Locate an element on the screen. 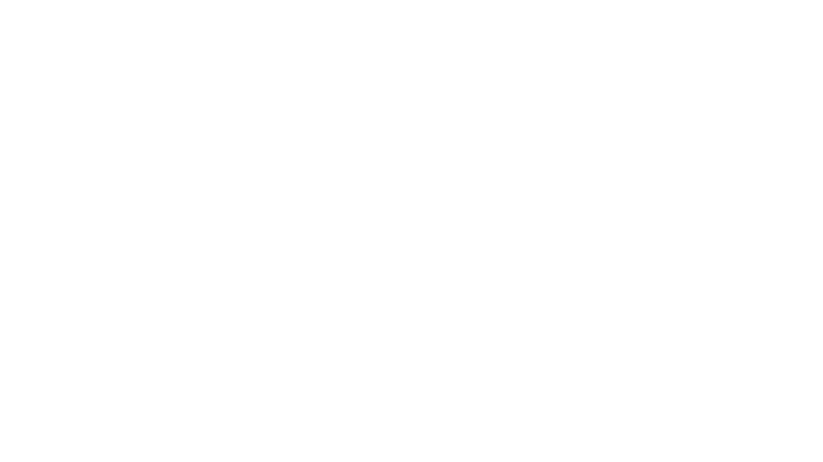 The width and height of the screenshot is (823, 462). Public Data: Available is located at coordinates (273, 145).